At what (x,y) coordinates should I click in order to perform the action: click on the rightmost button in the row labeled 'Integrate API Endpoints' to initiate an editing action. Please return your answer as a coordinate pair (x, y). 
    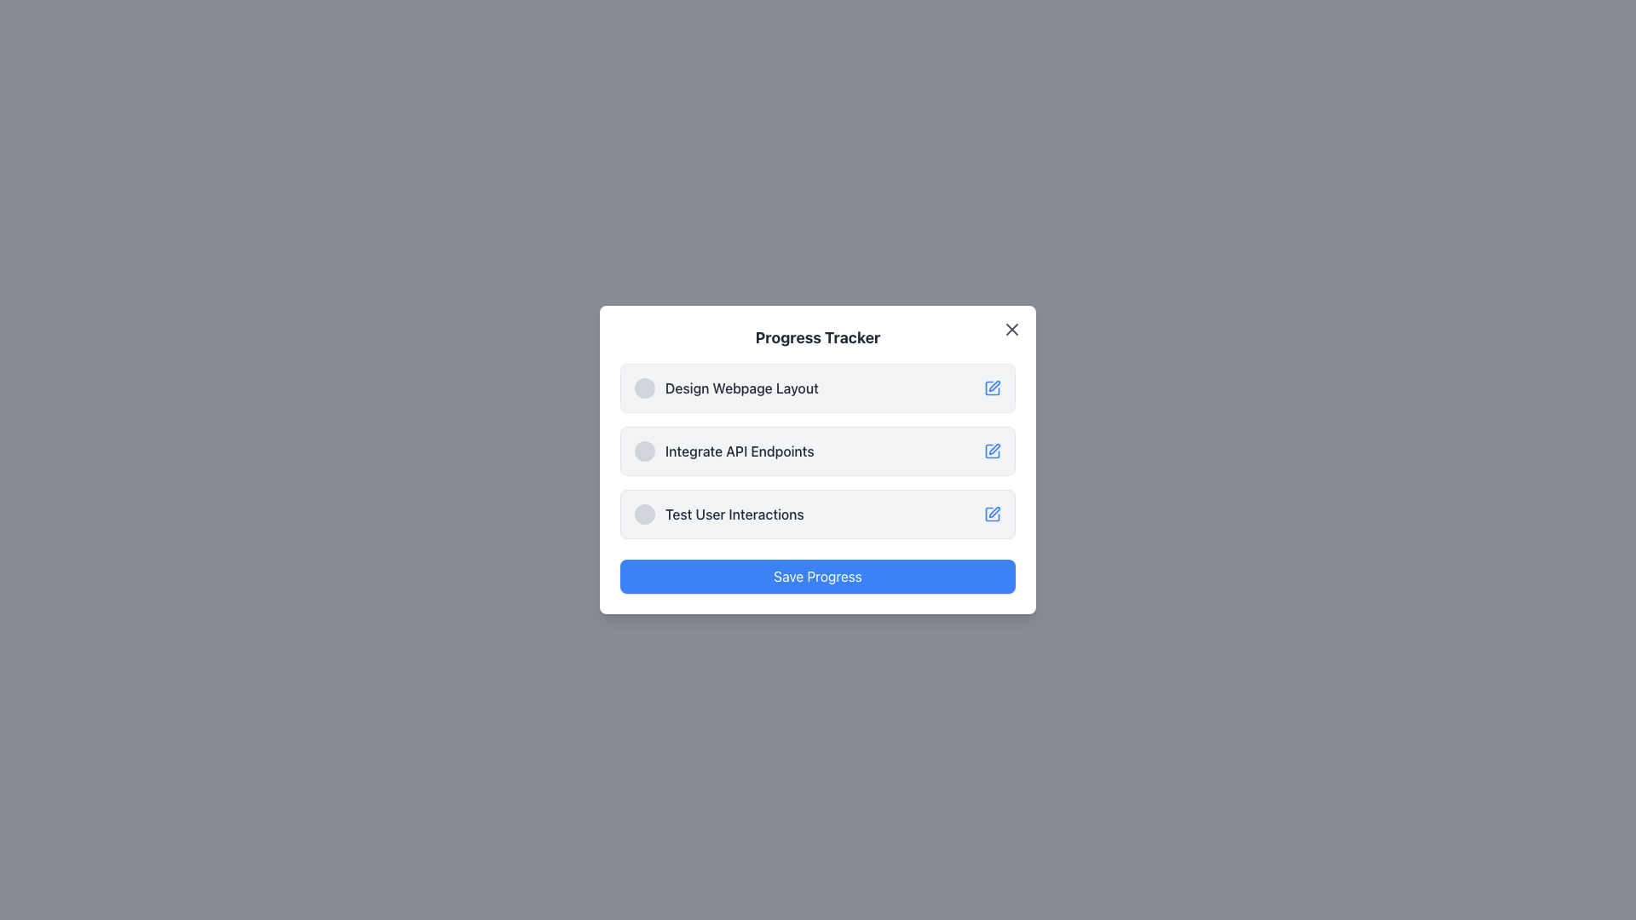
    Looking at the image, I should click on (993, 450).